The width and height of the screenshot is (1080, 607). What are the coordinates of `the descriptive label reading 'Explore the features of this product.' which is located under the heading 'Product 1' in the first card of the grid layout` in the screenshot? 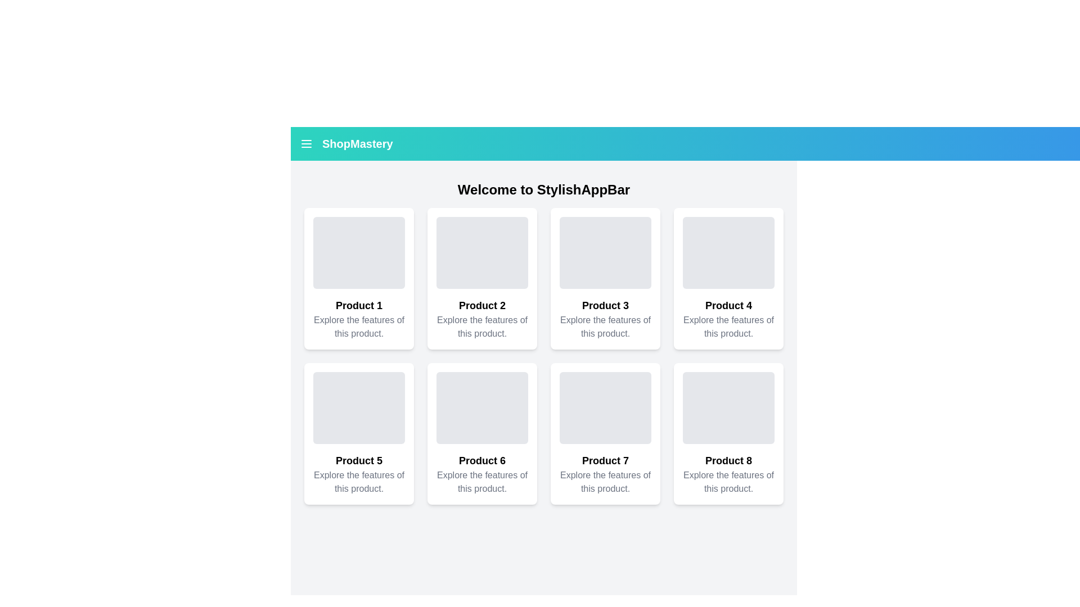 It's located at (358, 327).